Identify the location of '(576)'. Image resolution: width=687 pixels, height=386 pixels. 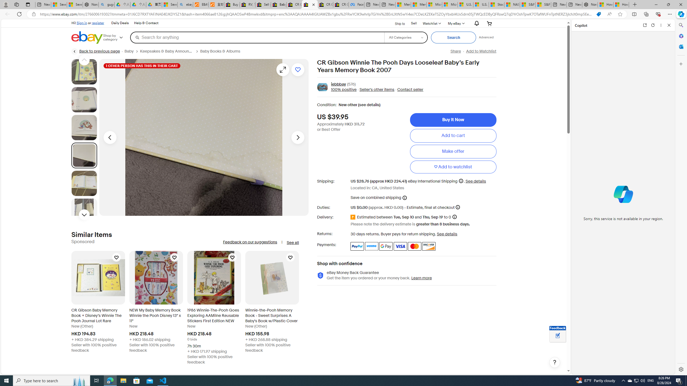
(351, 84).